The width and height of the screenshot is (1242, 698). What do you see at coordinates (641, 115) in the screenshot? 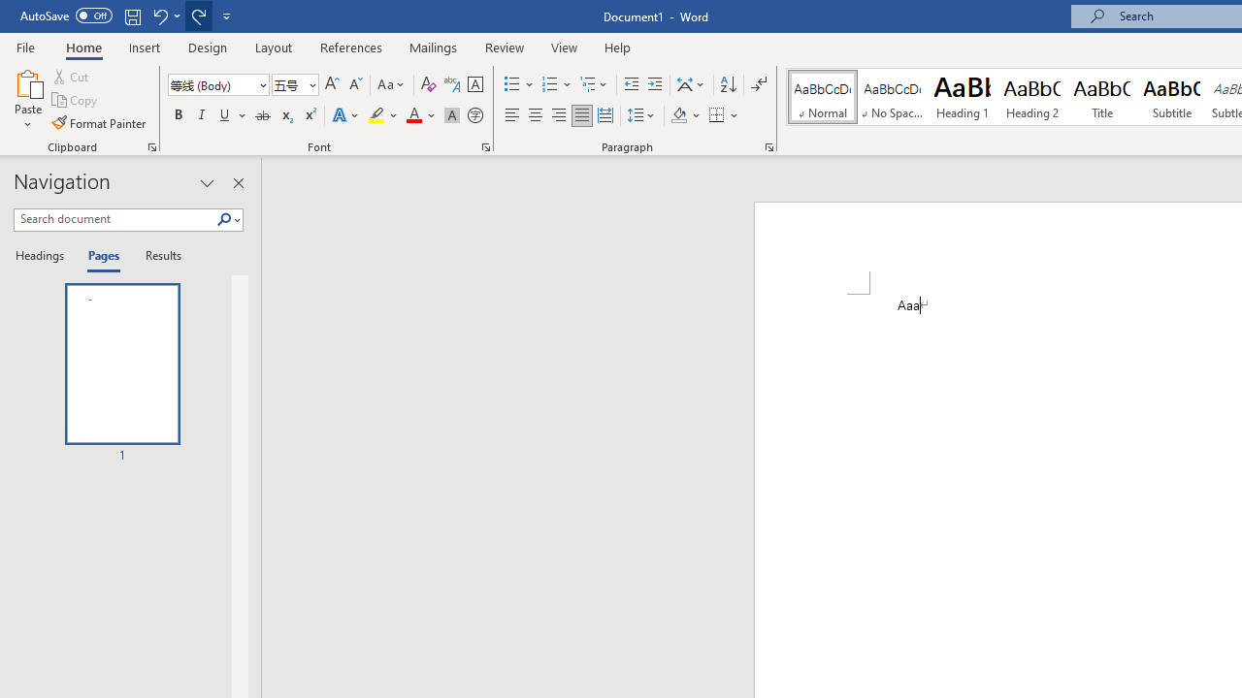
I see `'Line and Paragraph Spacing'` at bounding box center [641, 115].